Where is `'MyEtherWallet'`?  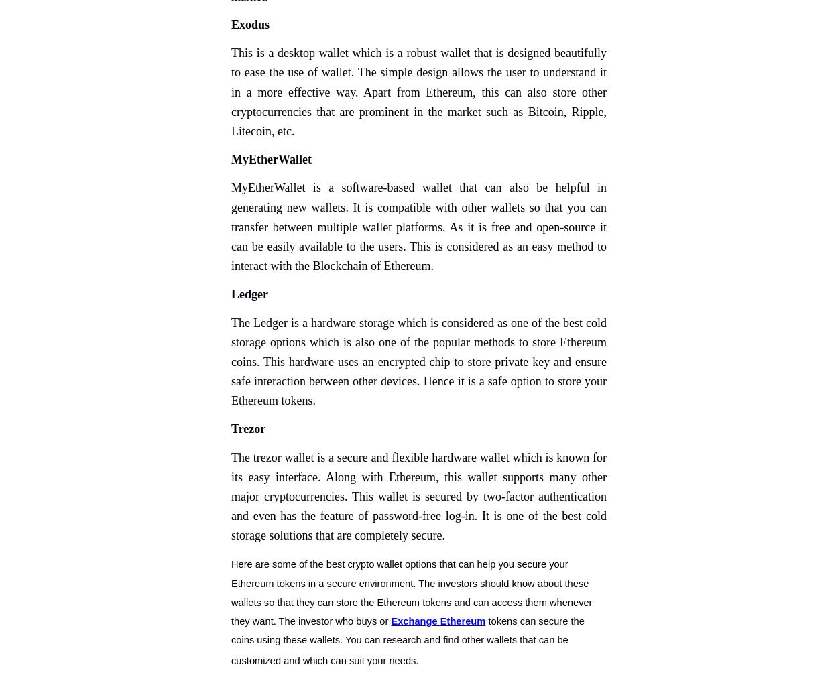
'MyEtherWallet' is located at coordinates (231, 160).